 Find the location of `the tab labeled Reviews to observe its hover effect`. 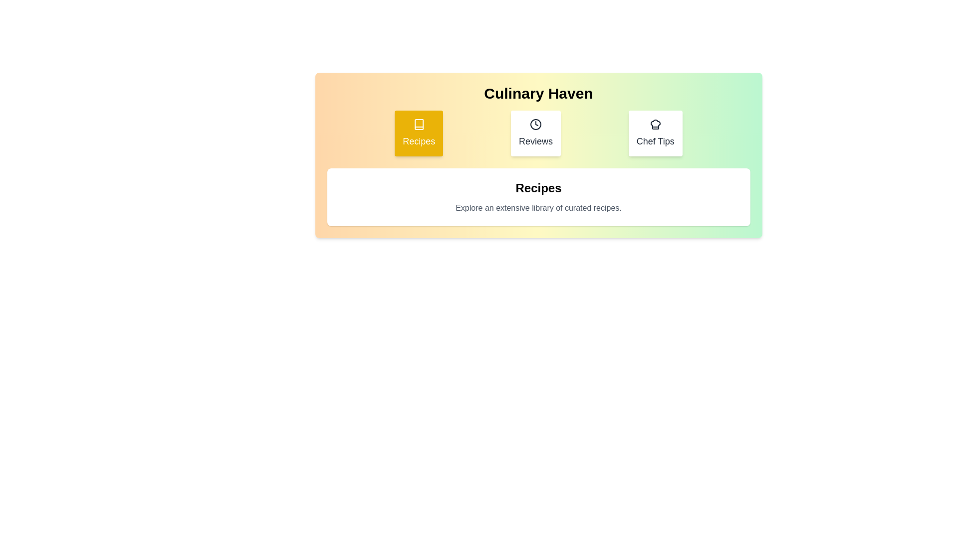

the tab labeled Reviews to observe its hover effect is located at coordinates (535, 133).